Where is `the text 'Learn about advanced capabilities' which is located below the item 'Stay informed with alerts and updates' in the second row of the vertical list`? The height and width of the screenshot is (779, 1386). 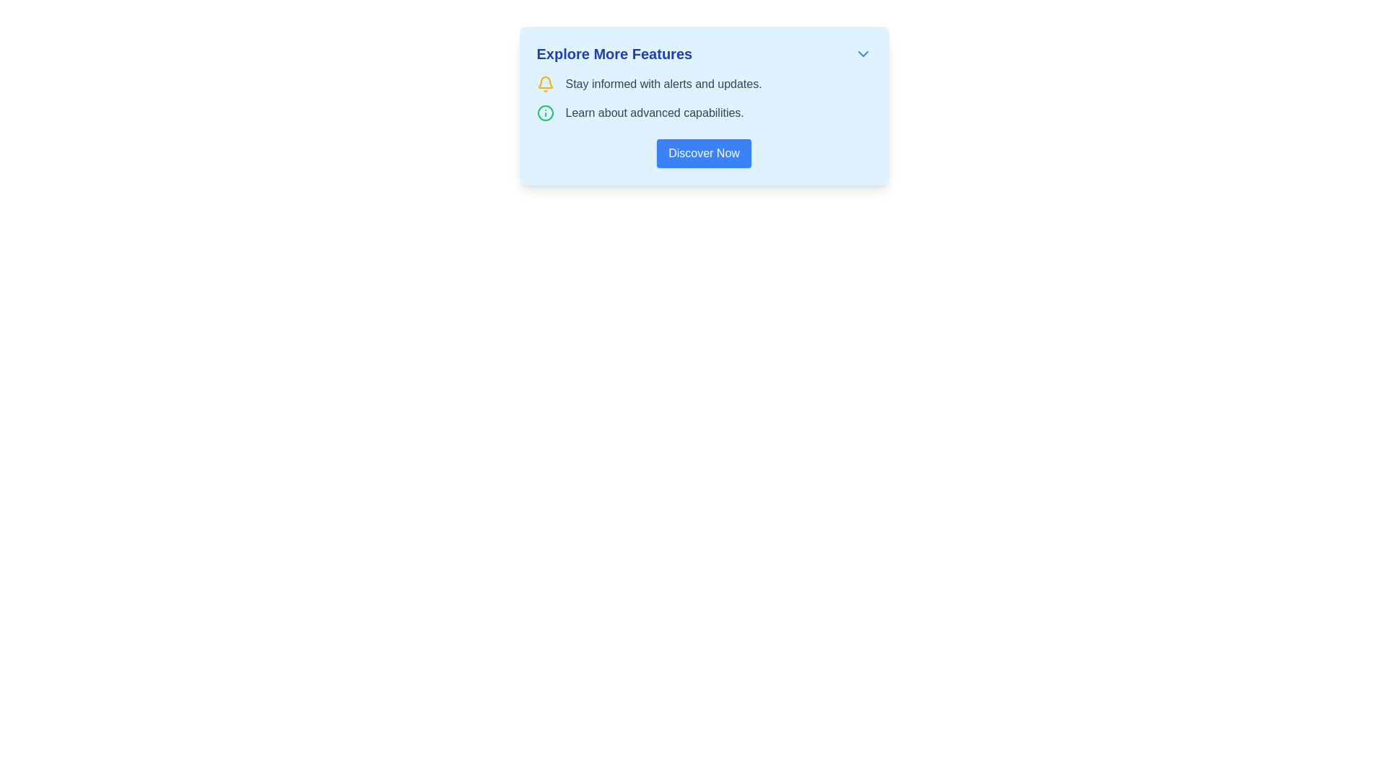
the text 'Learn about advanced capabilities' which is located below the item 'Stay informed with alerts and updates' in the second row of the vertical list is located at coordinates (704, 113).